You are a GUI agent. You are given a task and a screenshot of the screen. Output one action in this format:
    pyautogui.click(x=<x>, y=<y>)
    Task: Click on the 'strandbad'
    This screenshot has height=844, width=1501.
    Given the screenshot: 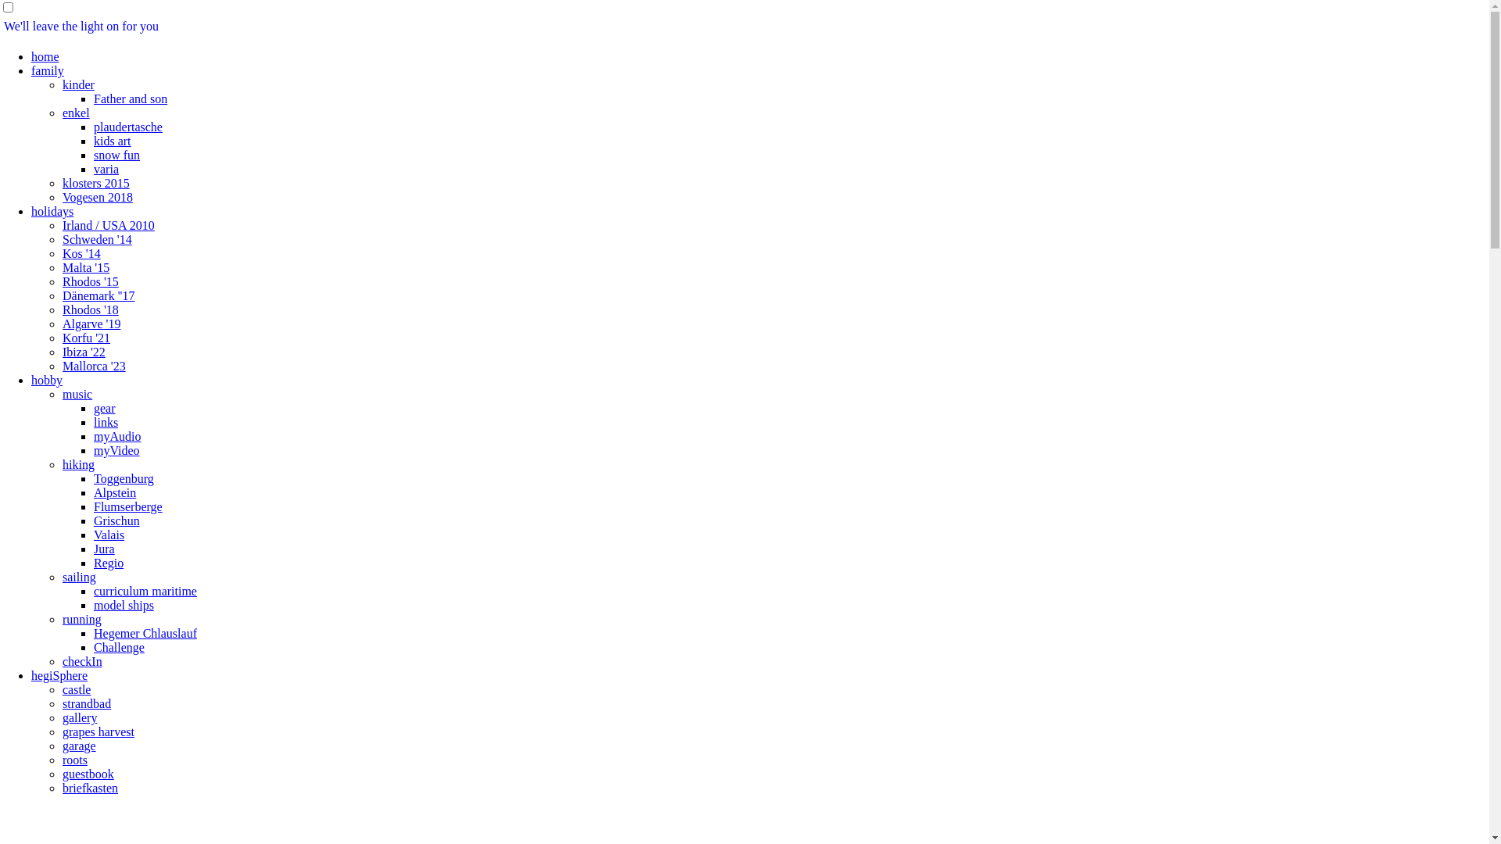 What is the action you would take?
    pyautogui.click(x=85, y=703)
    